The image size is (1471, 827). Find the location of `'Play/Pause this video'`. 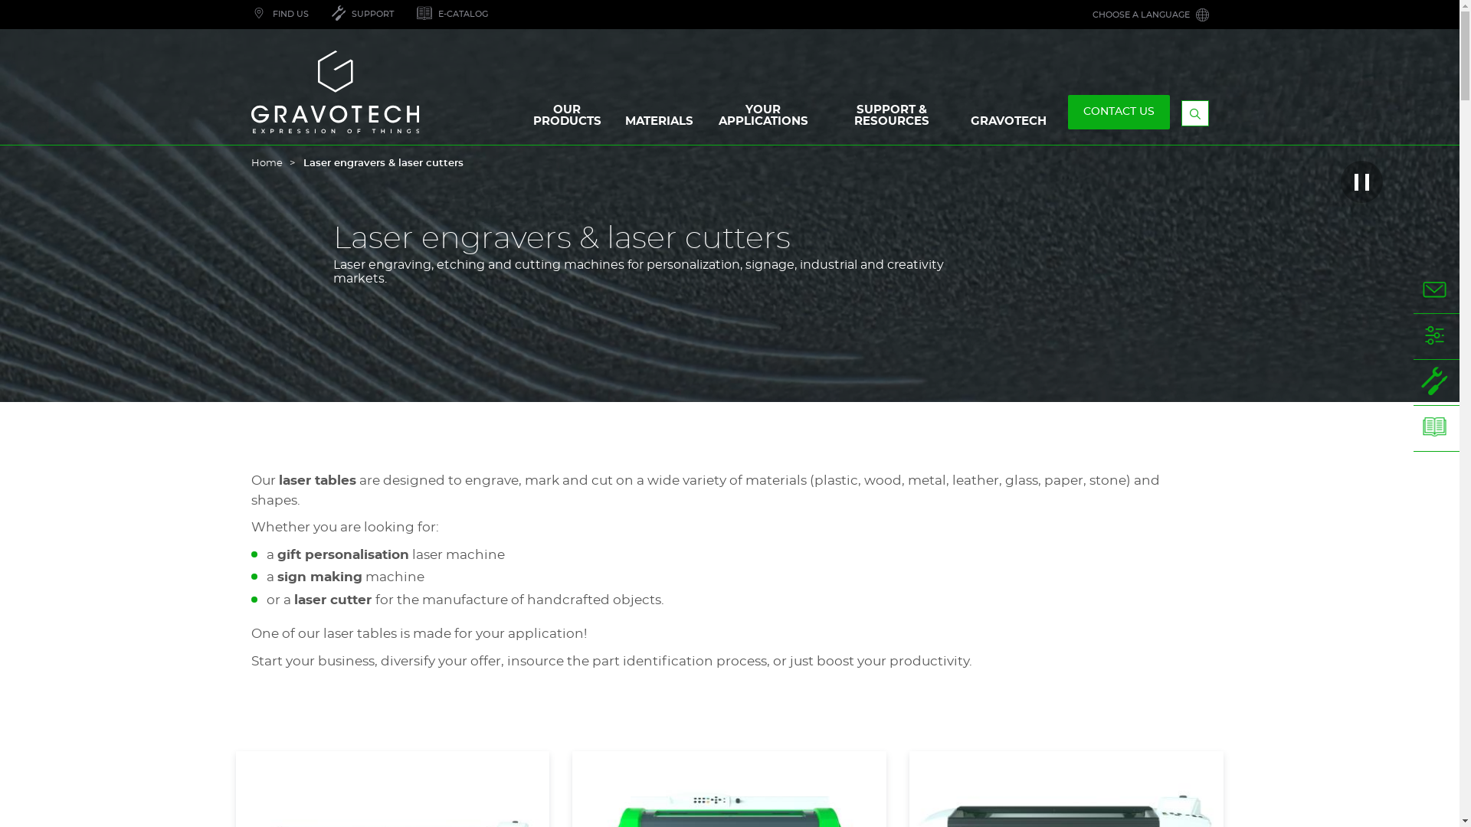

'Play/Pause this video' is located at coordinates (1361, 181).